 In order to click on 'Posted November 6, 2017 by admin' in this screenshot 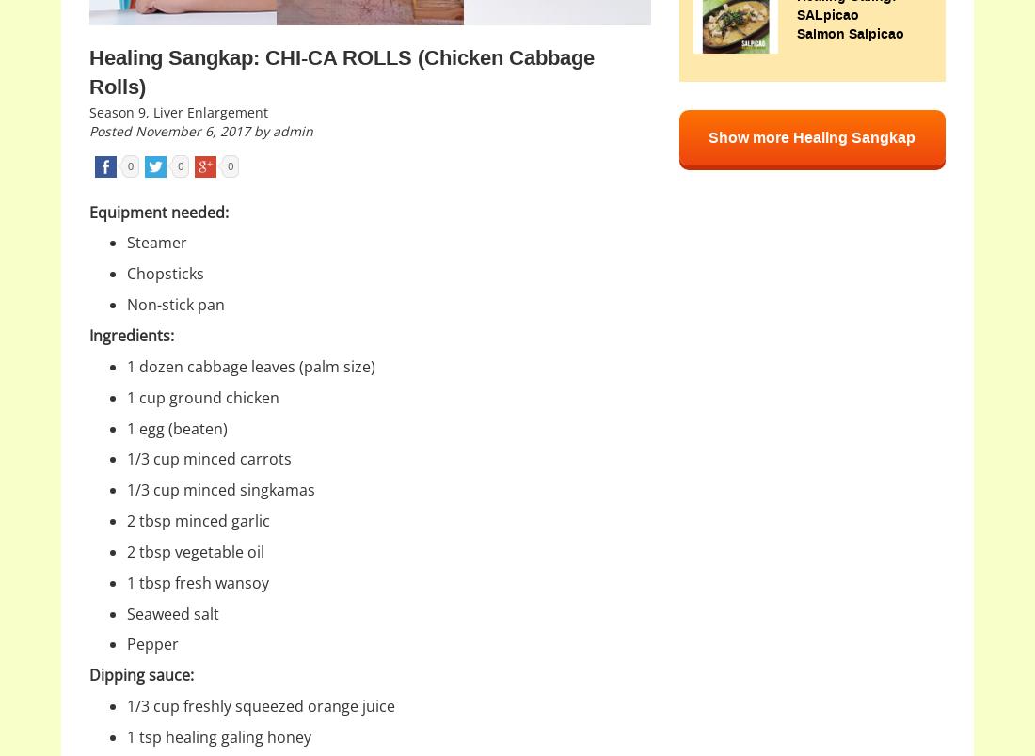, I will do `click(89, 130)`.